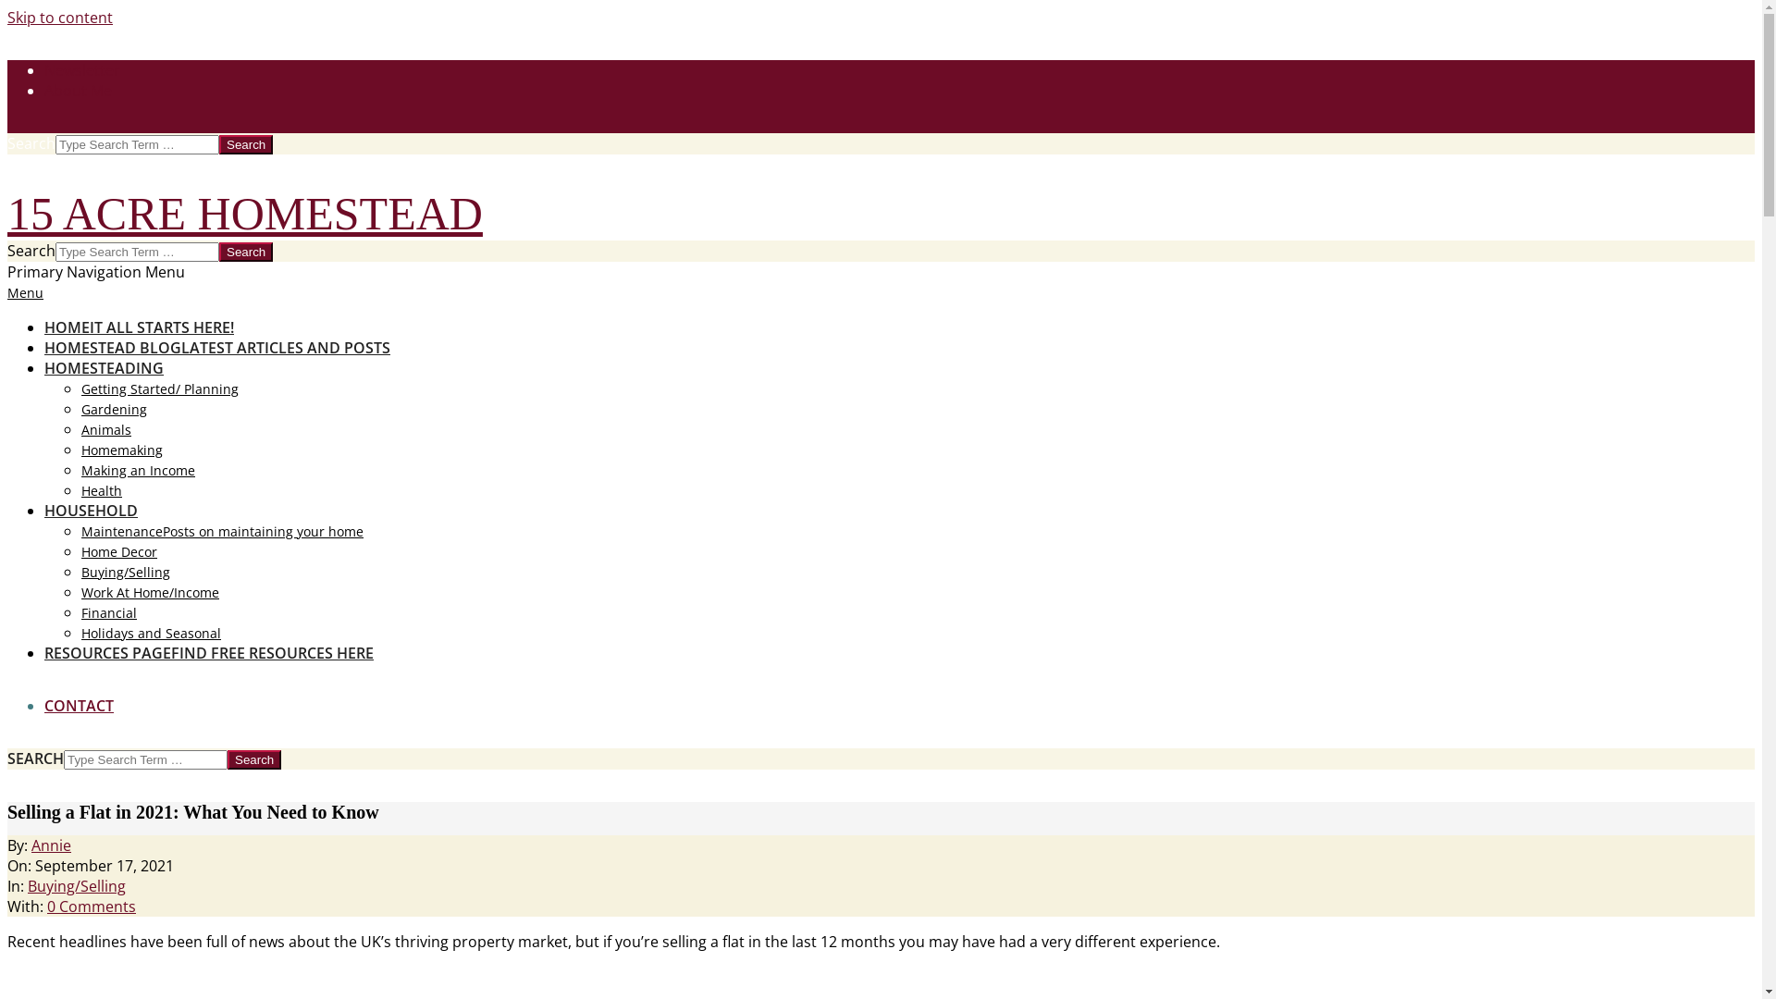  What do you see at coordinates (208, 651) in the screenshot?
I see `'RESOURCES PAGEFIND FREE RESOURCES HERE'` at bounding box center [208, 651].